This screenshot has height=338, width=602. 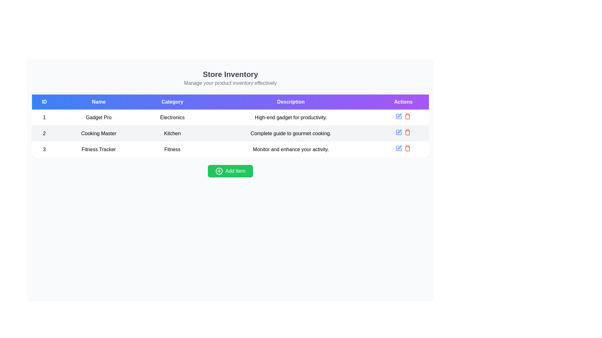 What do you see at coordinates (98, 117) in the screenshot?
I see `the text display element that shows 'Gadget Pro', located in the second column of the first row of the table, positioned between '1' and 'Electronics'` at bounding box center [98, 117].